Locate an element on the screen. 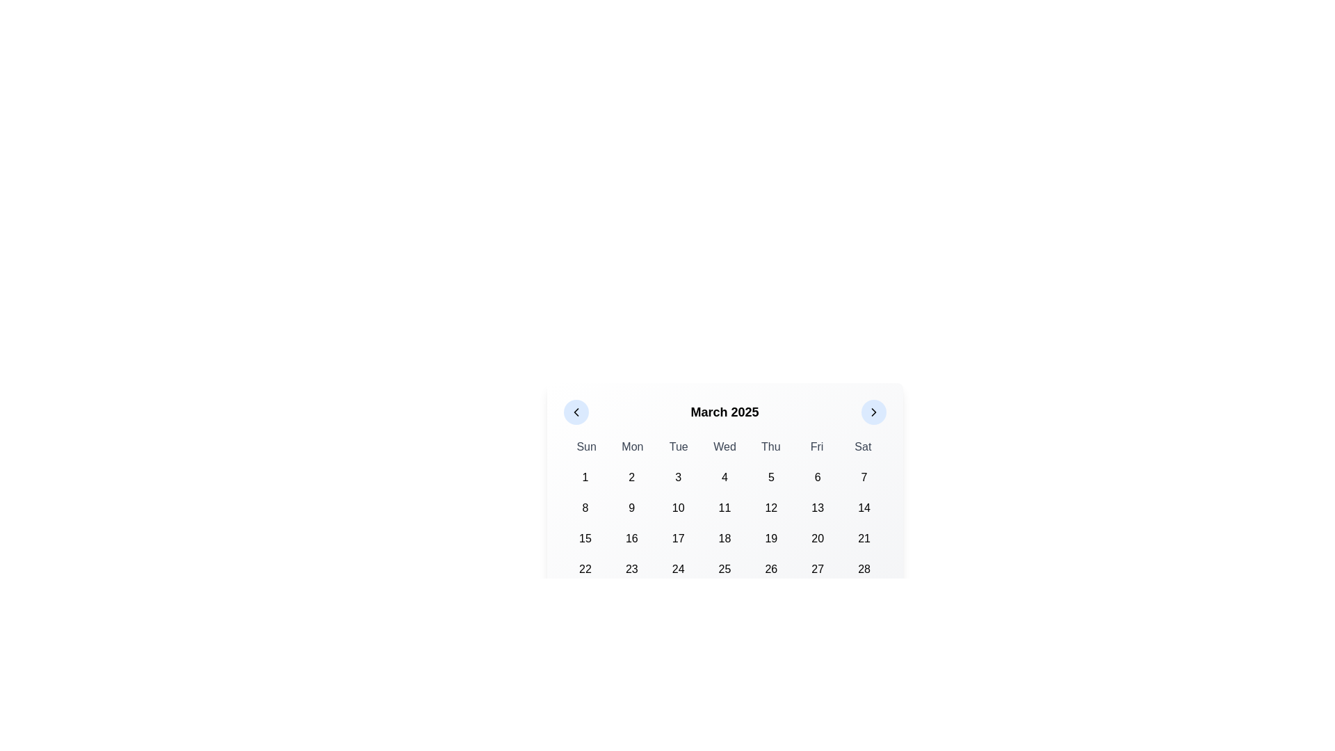 The width and height of the screenshot is (1335, 751). the days in the calendar grid layout is located at coordinates (724, 538).